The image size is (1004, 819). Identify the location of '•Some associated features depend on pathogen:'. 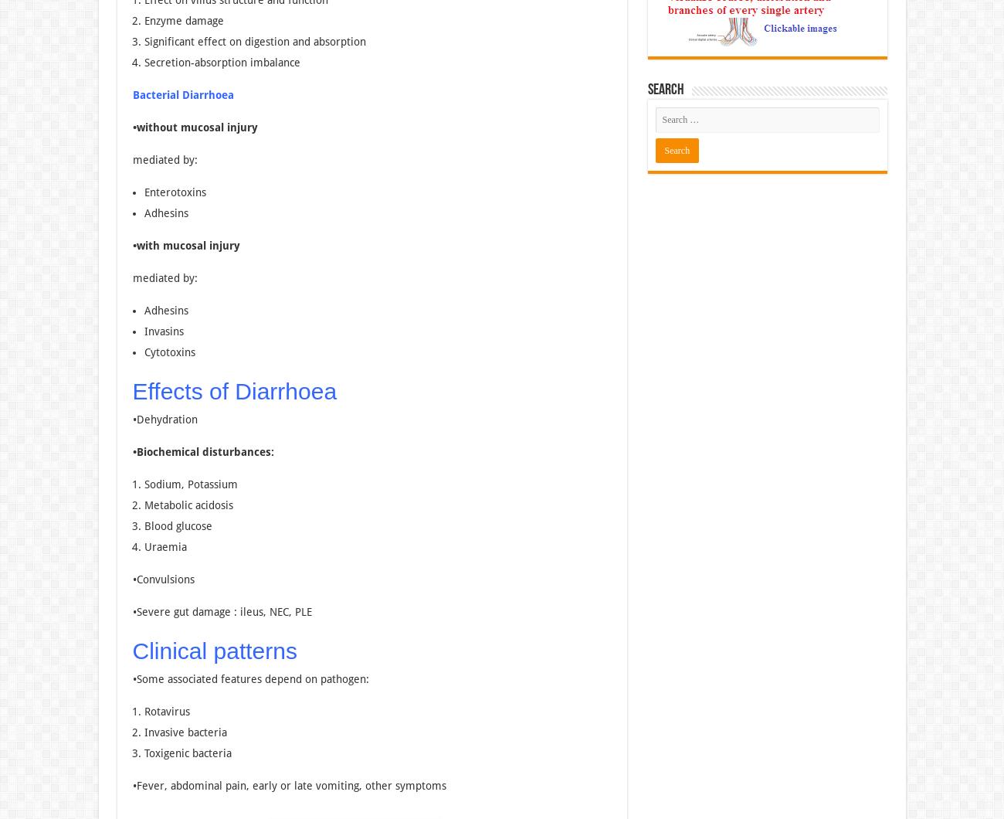
(249, 678).